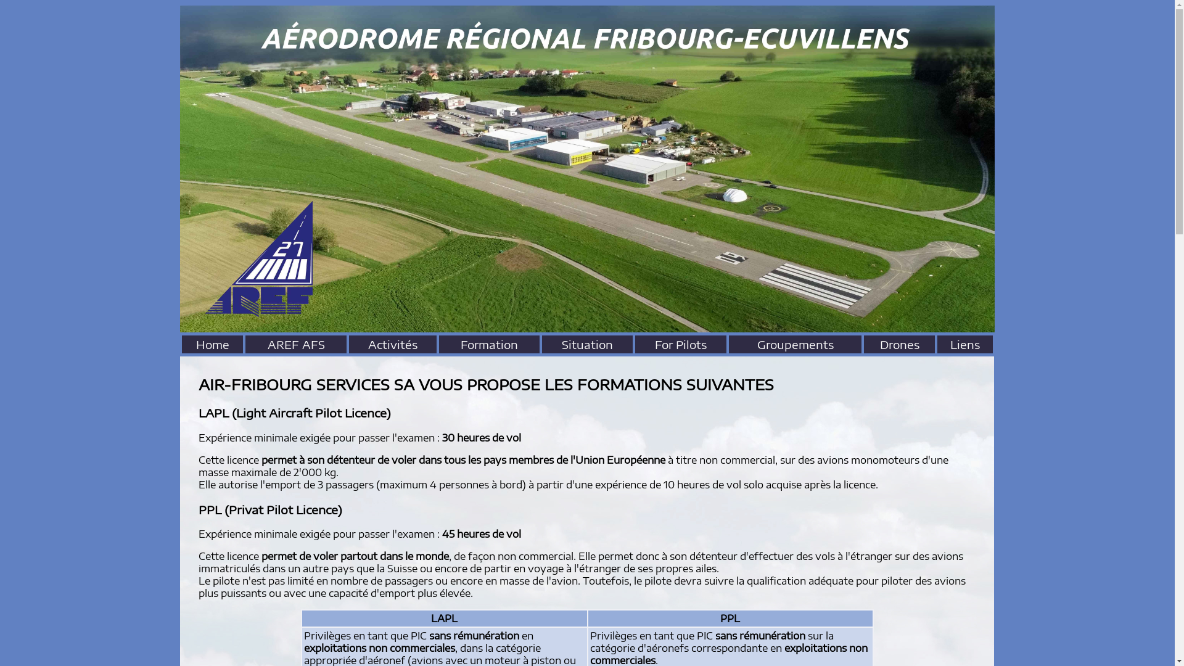  What do you see at coordinates (795, 346) in the screenshot?
I see `'Groupements'` at bounding box center [795, 346].